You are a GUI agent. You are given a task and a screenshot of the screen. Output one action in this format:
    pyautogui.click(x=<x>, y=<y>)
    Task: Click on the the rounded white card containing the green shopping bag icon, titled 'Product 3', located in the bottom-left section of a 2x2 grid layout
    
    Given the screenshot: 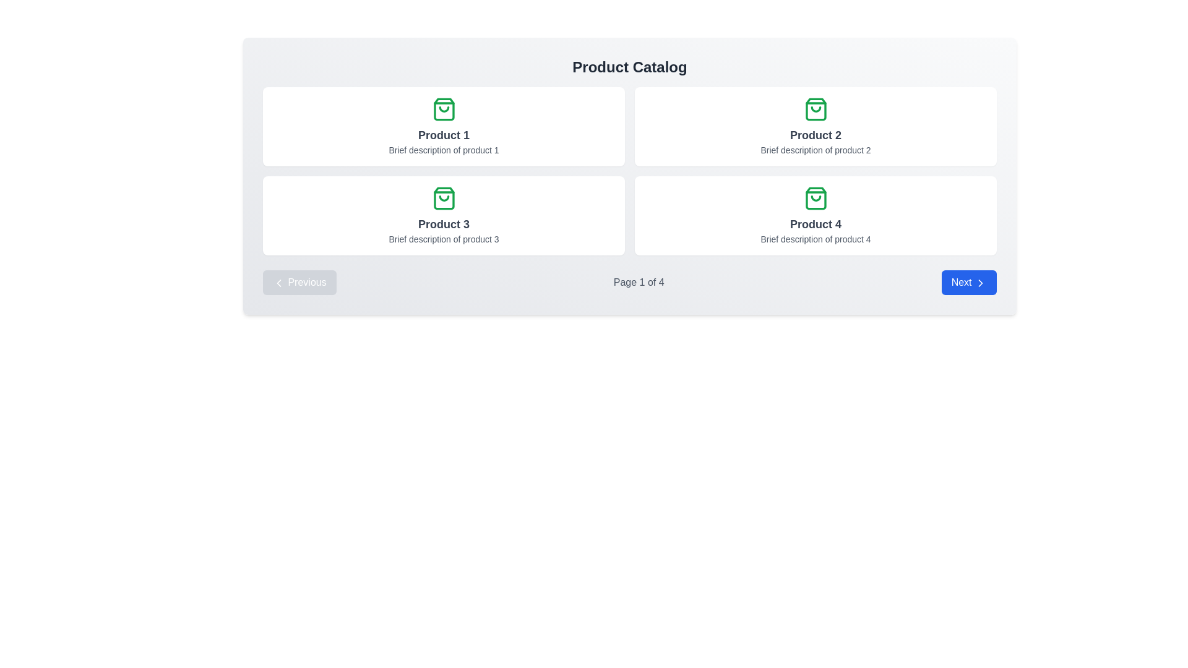 What is the action you would take?
    pyautogui.click(x=444, y=215)
    